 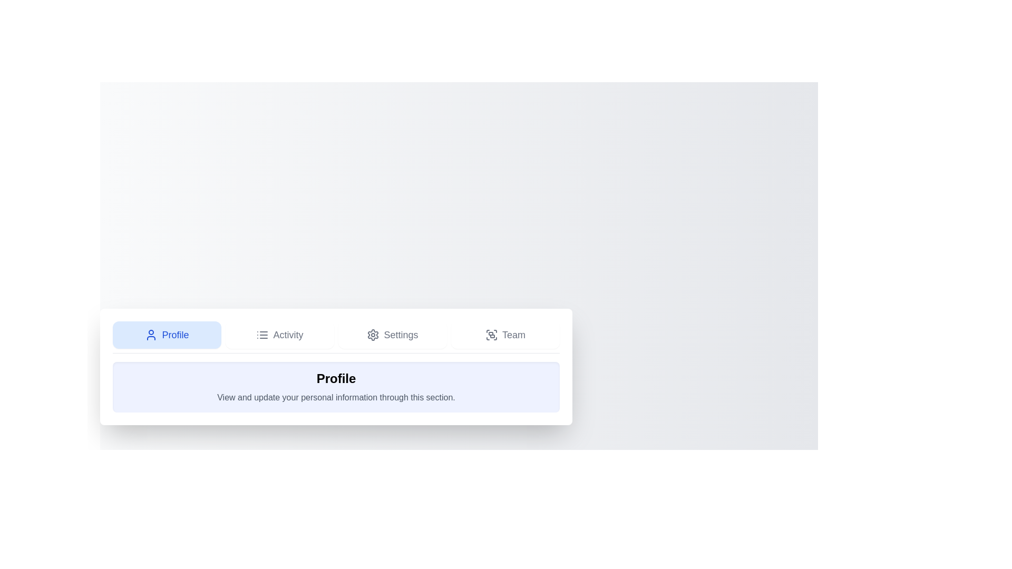 What do you see at coordinates (505, 335) in the screenshot?
I see `the tab labeled Team to observe its hover effect` at bounding box center [505, 335].